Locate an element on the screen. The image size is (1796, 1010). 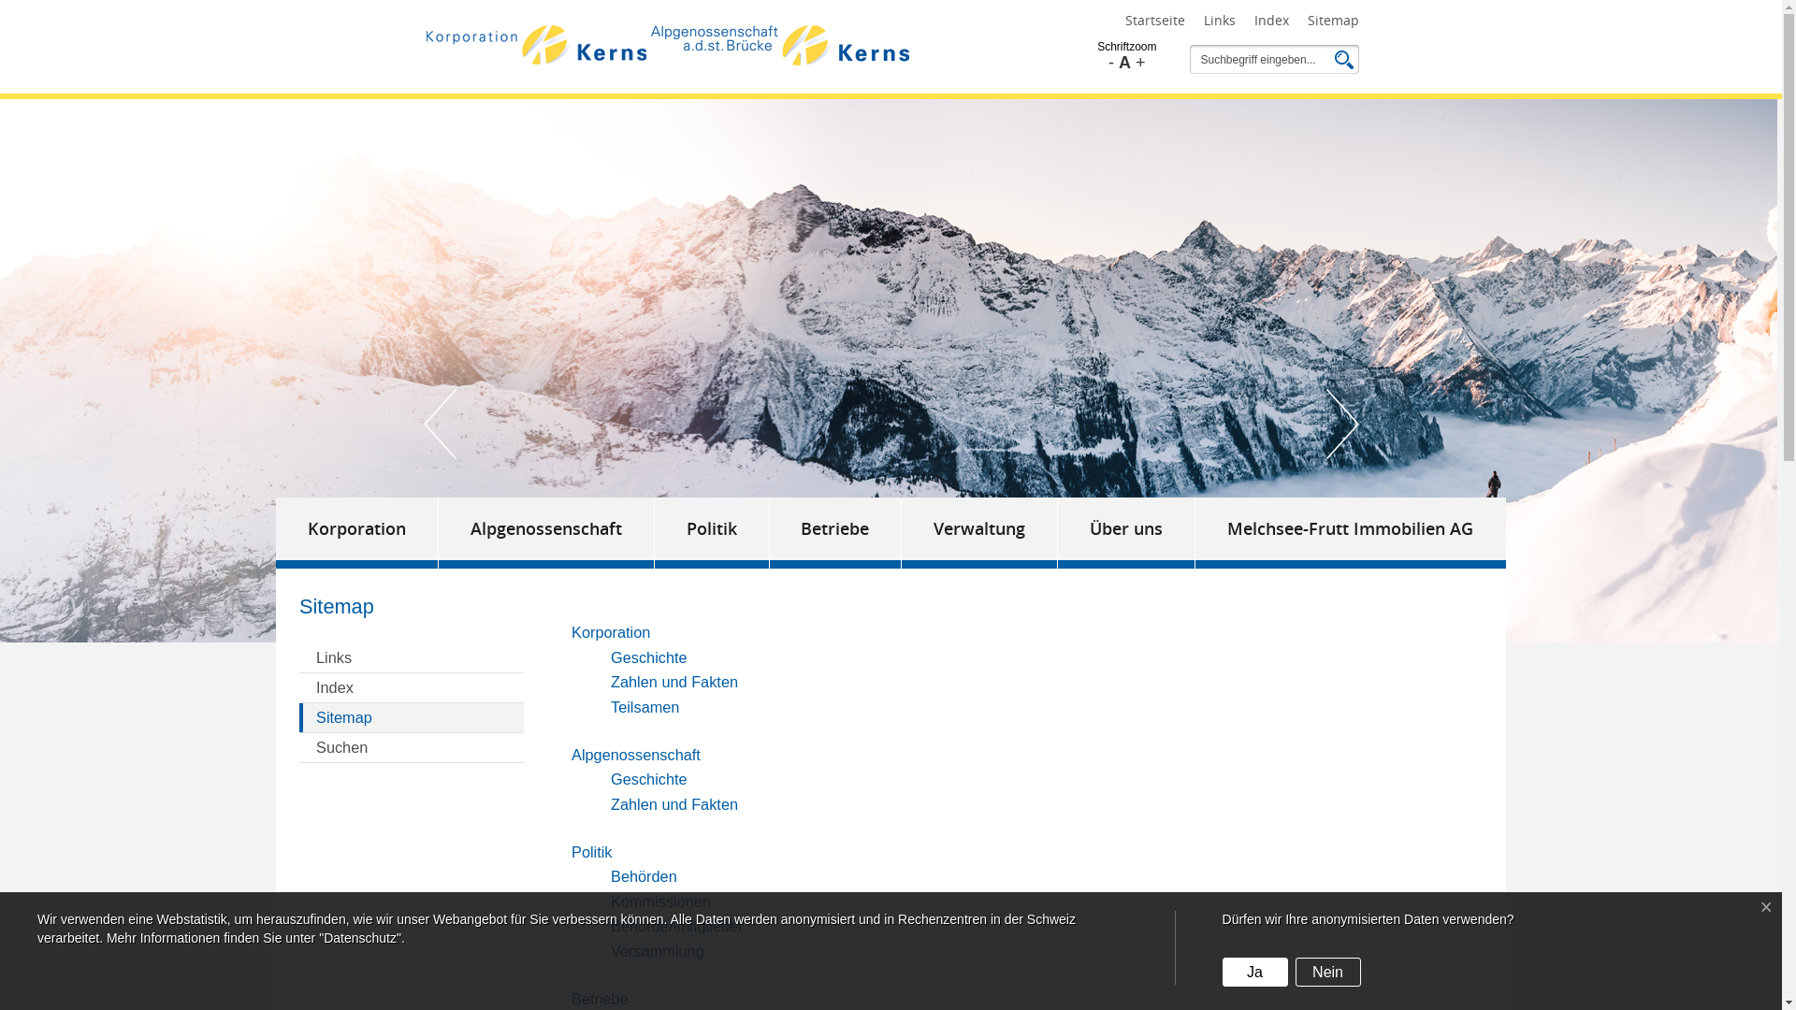
'Index' is located at coordinates (411, 688).